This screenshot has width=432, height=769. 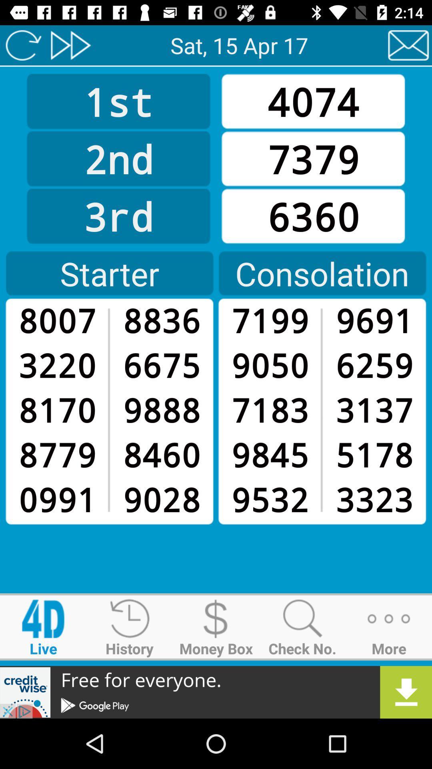 What do you see at coordinates (70, 45) in the screenshot?
I see `consolation page` at bounding box center [70, 45].